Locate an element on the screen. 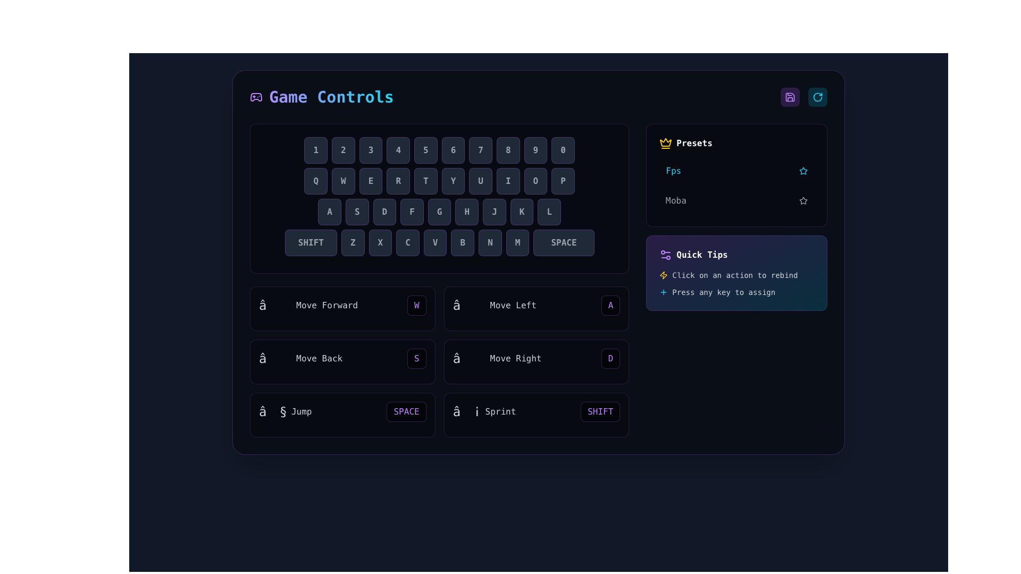  the 'fps' text label, which is styled in cyan and located under the 'Presets' title, positioned beside a star icon is located at coordinates (673, 170).